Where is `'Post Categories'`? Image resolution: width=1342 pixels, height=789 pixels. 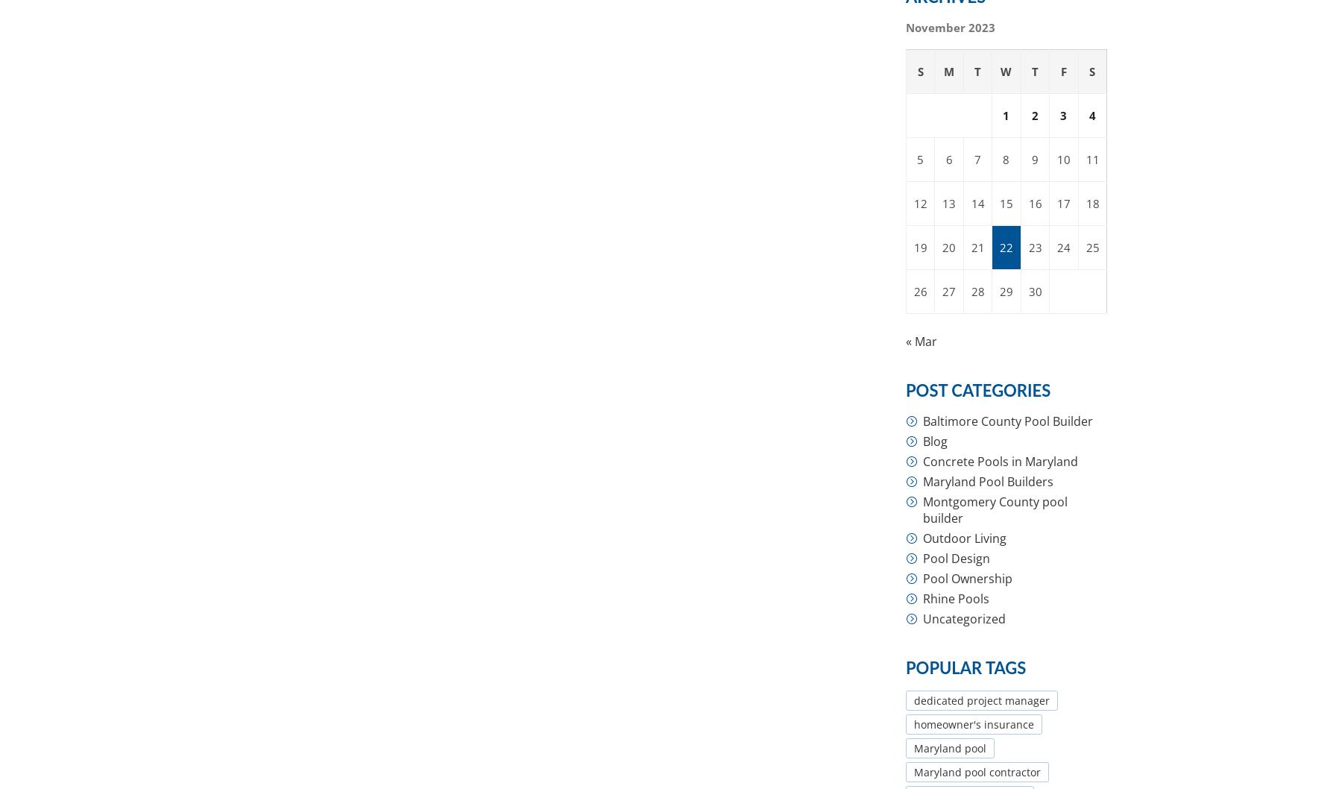 'Post Categories' is located at coordinates (978, 390).